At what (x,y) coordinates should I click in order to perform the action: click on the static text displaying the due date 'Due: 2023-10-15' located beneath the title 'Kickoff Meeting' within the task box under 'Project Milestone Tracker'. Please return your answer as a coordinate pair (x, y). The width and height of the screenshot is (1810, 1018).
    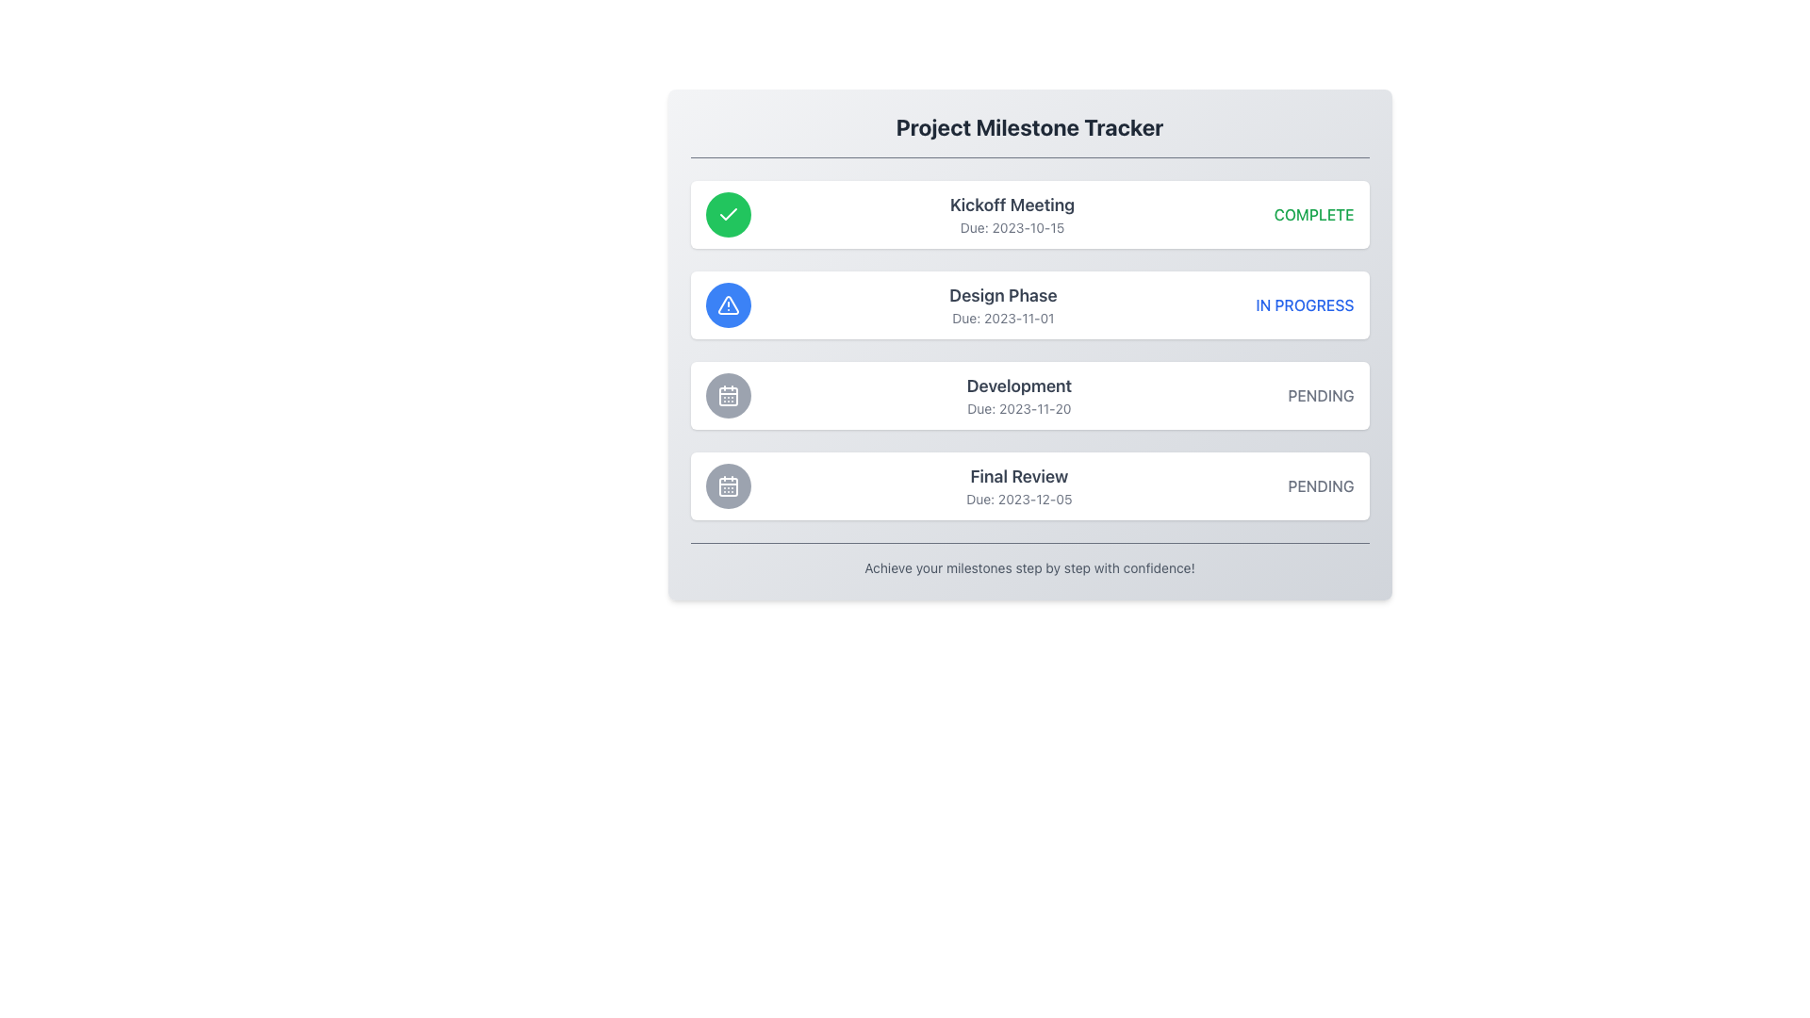
    Looking at the image, I should click on (1012, 227).